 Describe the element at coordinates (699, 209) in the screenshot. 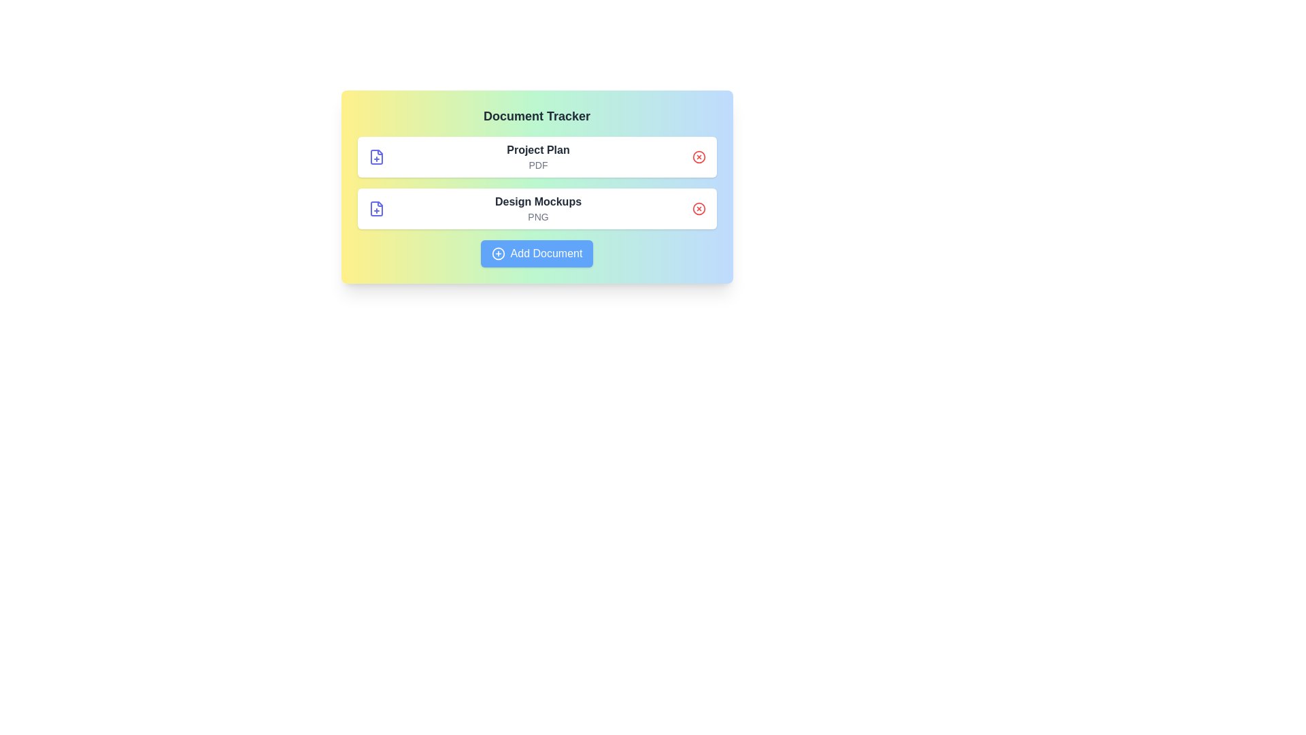

I see `'Remove' button next to the document titled Design Mockups` at that location.